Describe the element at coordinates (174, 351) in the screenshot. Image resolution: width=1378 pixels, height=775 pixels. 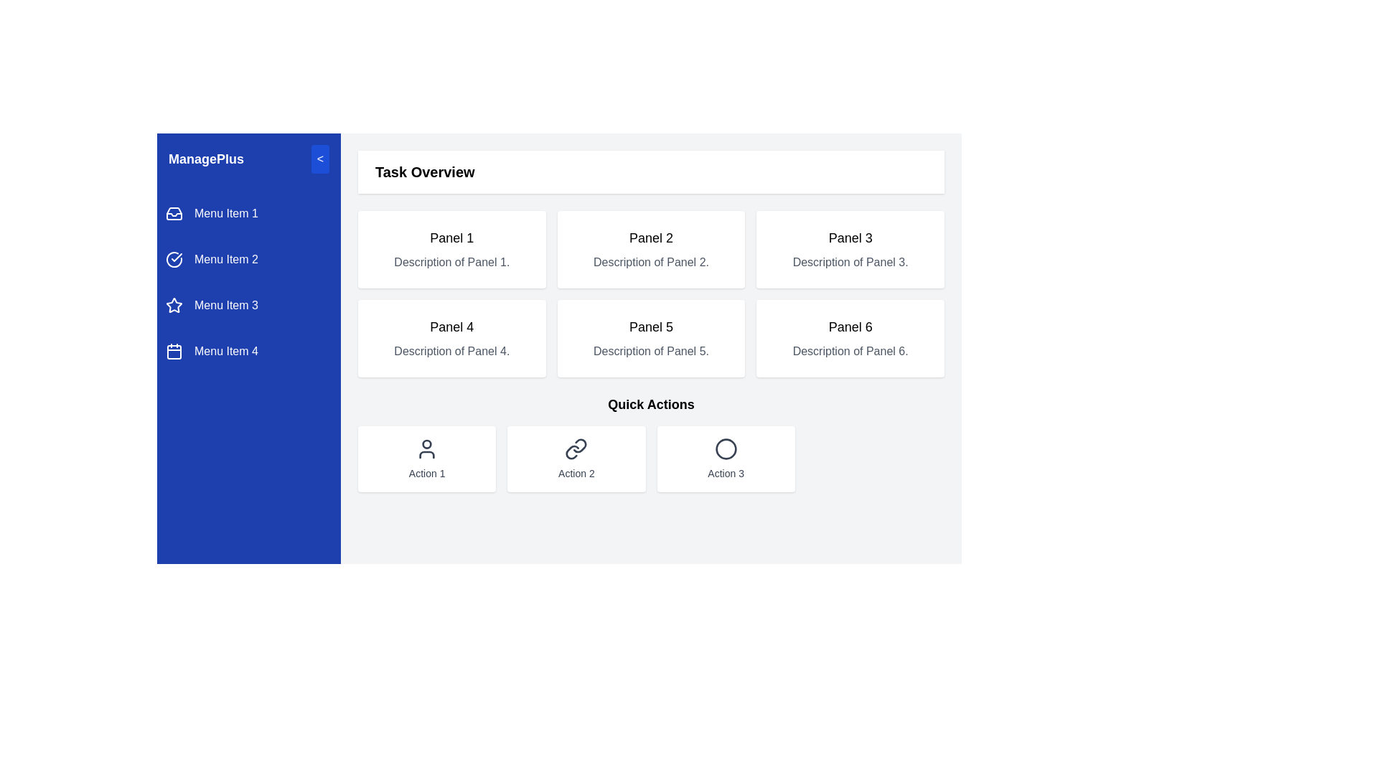
I see `the calendar icon located to the left of 'Menu Item 4' in the fourth position of the vertical navigation panel` at that location.